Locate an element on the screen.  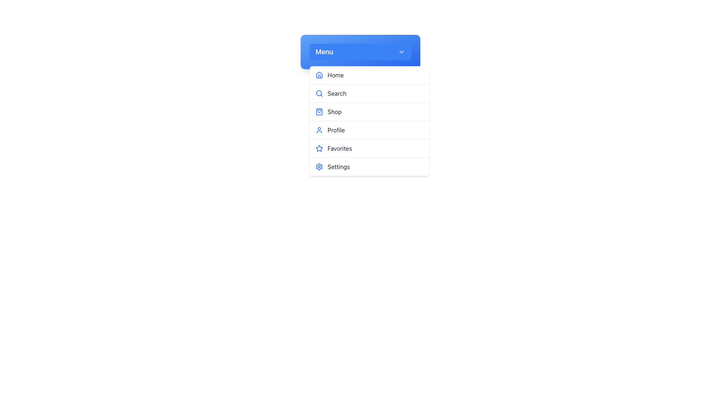
the house icon located to the left of the 'Home' text entry in the dropdown menu under the 'Menu' label is located at coordinates (319, 75).